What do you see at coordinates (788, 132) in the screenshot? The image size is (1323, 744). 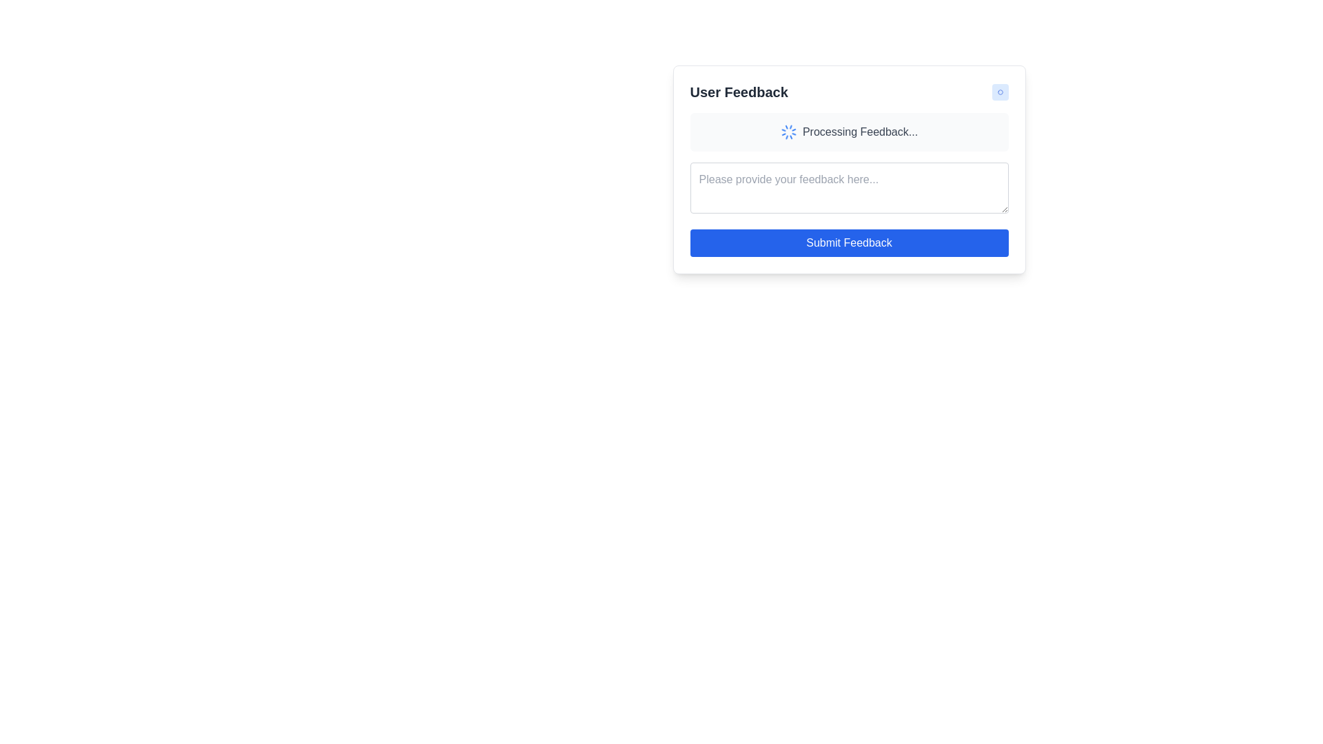 I see `the loading spinner located at the top of the 'User Feedback' card interface, which is positioned to the immediate left of the text 'Processing Feedback...'` at bounding box center [788, 132].